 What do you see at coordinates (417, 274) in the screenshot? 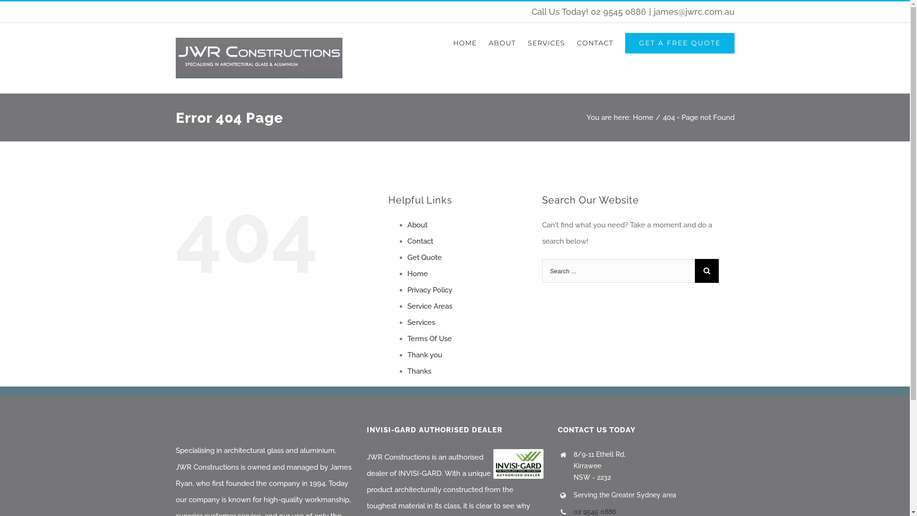
I see `'Home'` at bounding box center [417, 274].